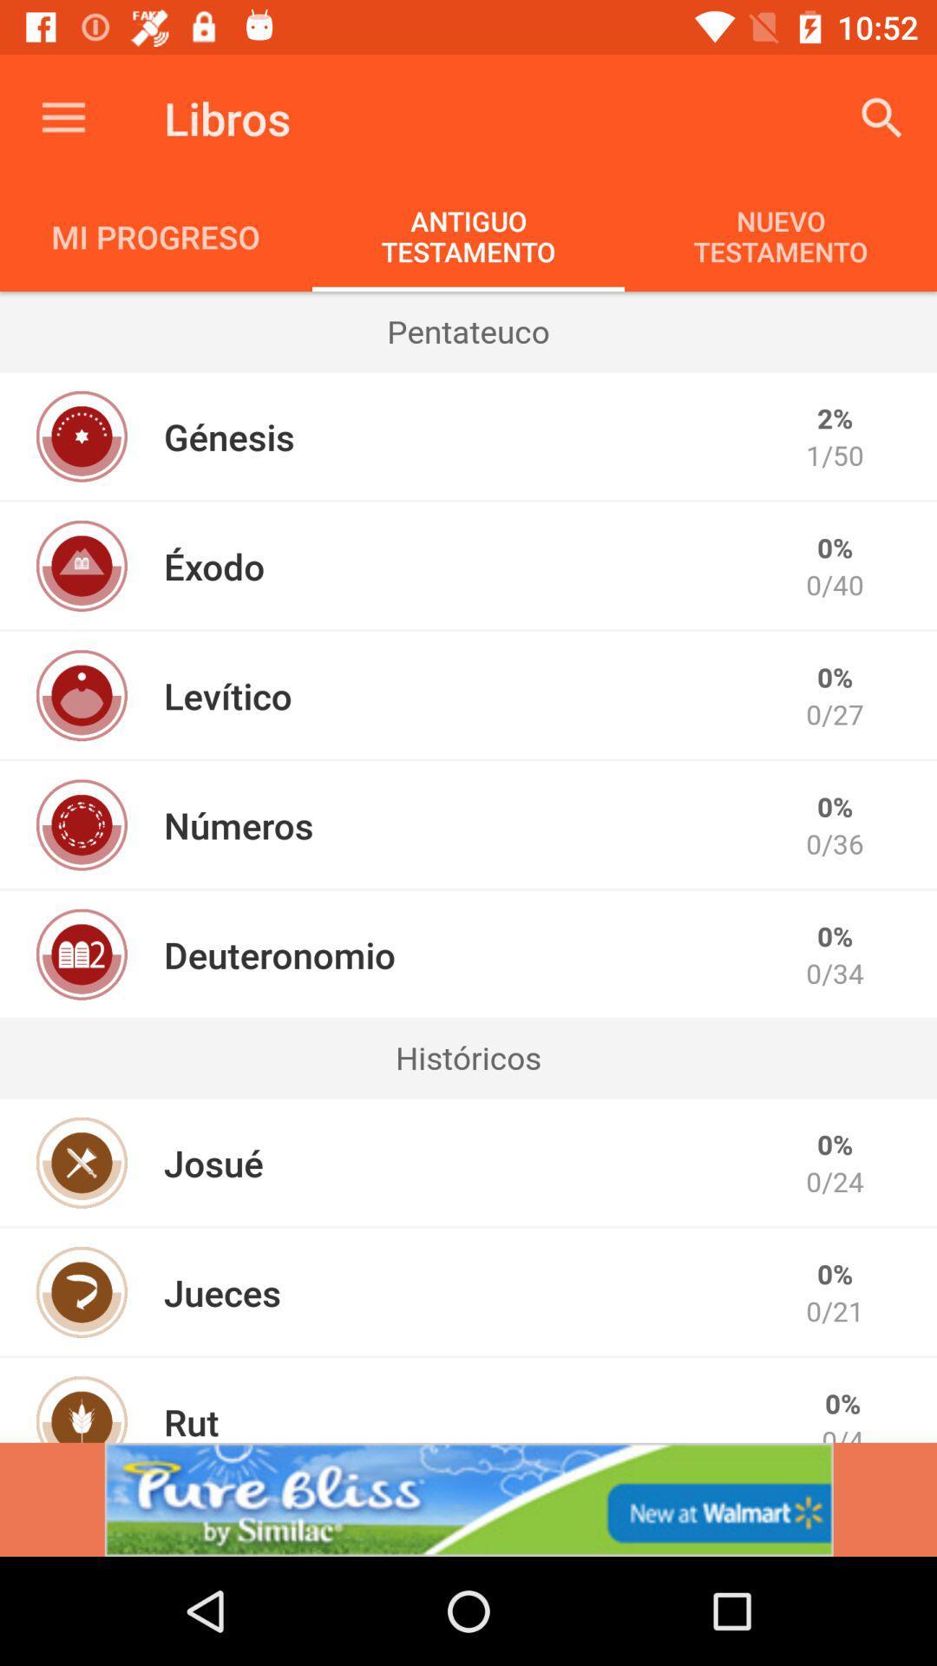 The width and height of the screenshot is (937, 1666). I want to click on the jueces, so click(221, 1292).